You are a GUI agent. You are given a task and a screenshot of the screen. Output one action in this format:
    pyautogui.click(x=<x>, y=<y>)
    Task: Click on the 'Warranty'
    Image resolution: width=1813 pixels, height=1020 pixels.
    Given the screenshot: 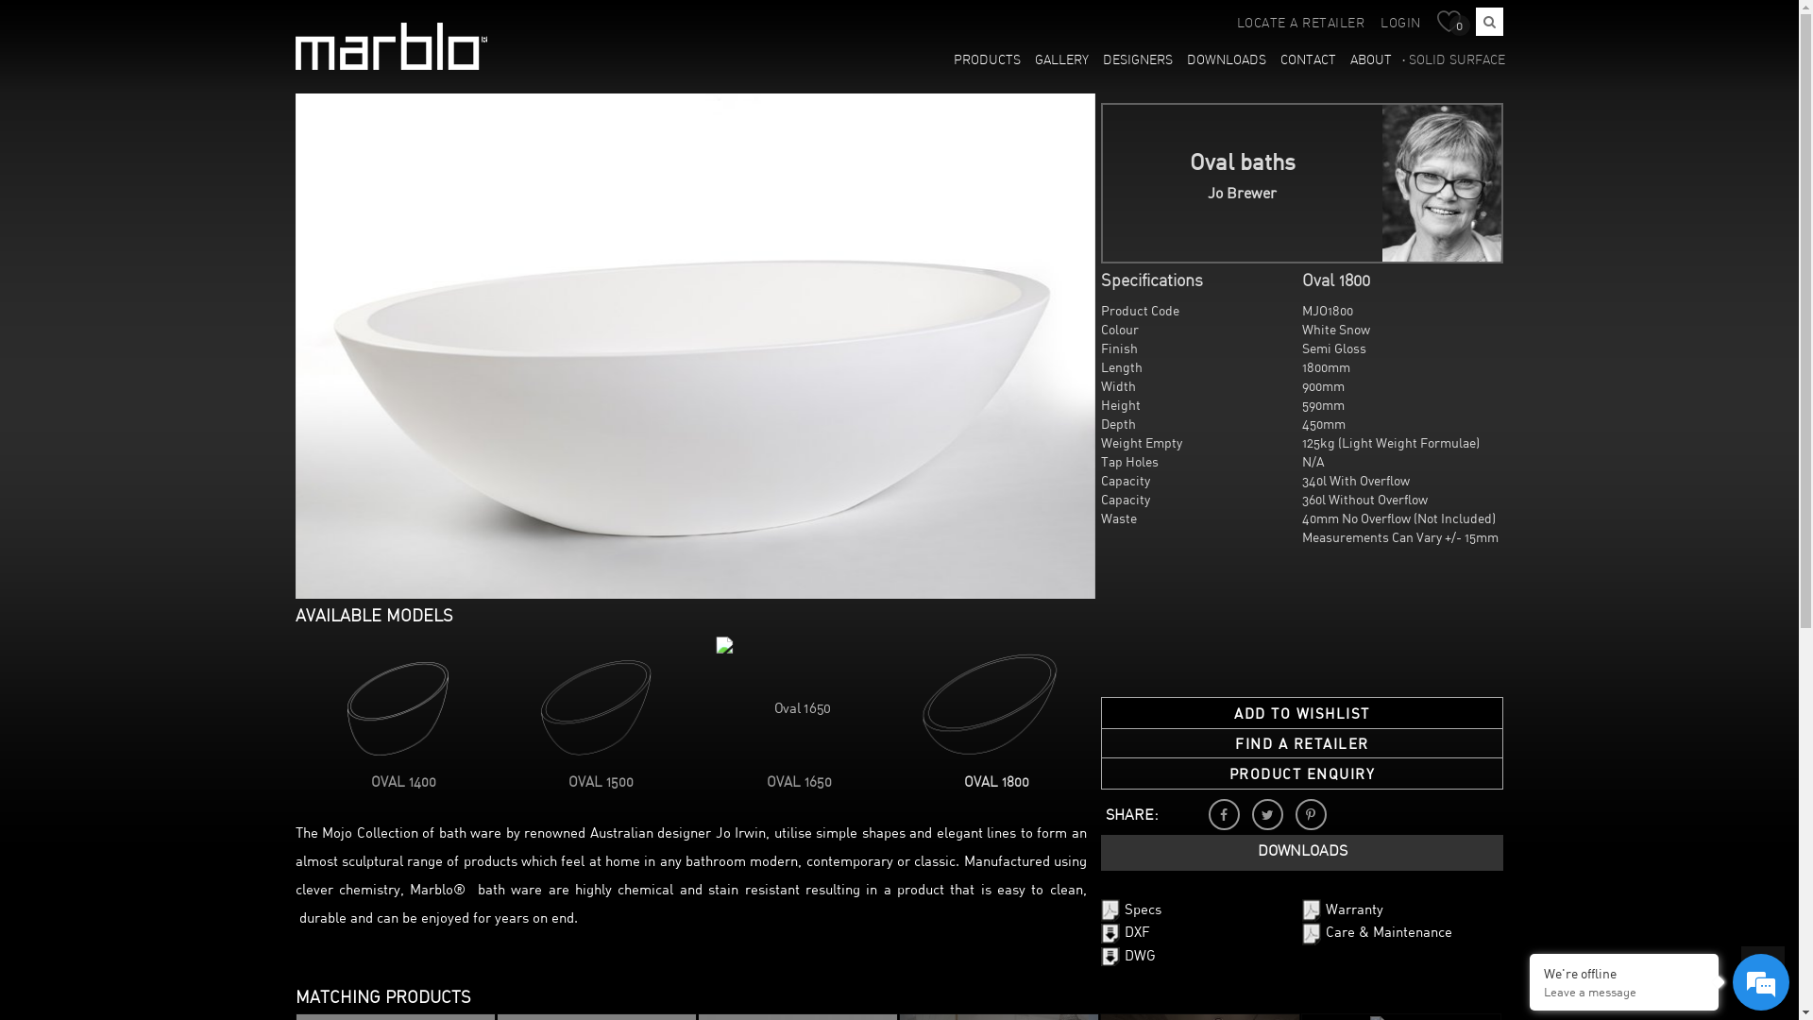 What is the action you would take?
    pyautogui.click(x=1341, y=909)
    